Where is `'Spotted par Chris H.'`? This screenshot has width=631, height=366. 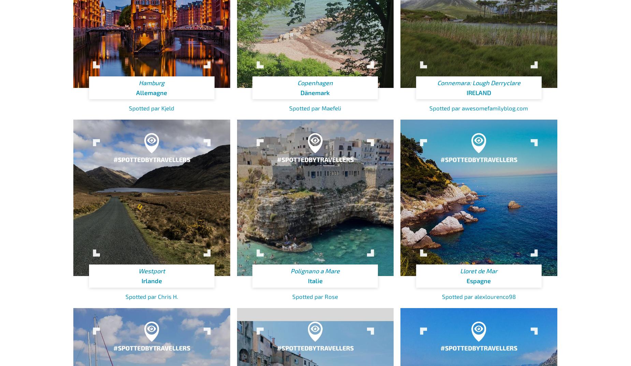
'Spotted par Chris H.' is located at coordinates (151, 296).